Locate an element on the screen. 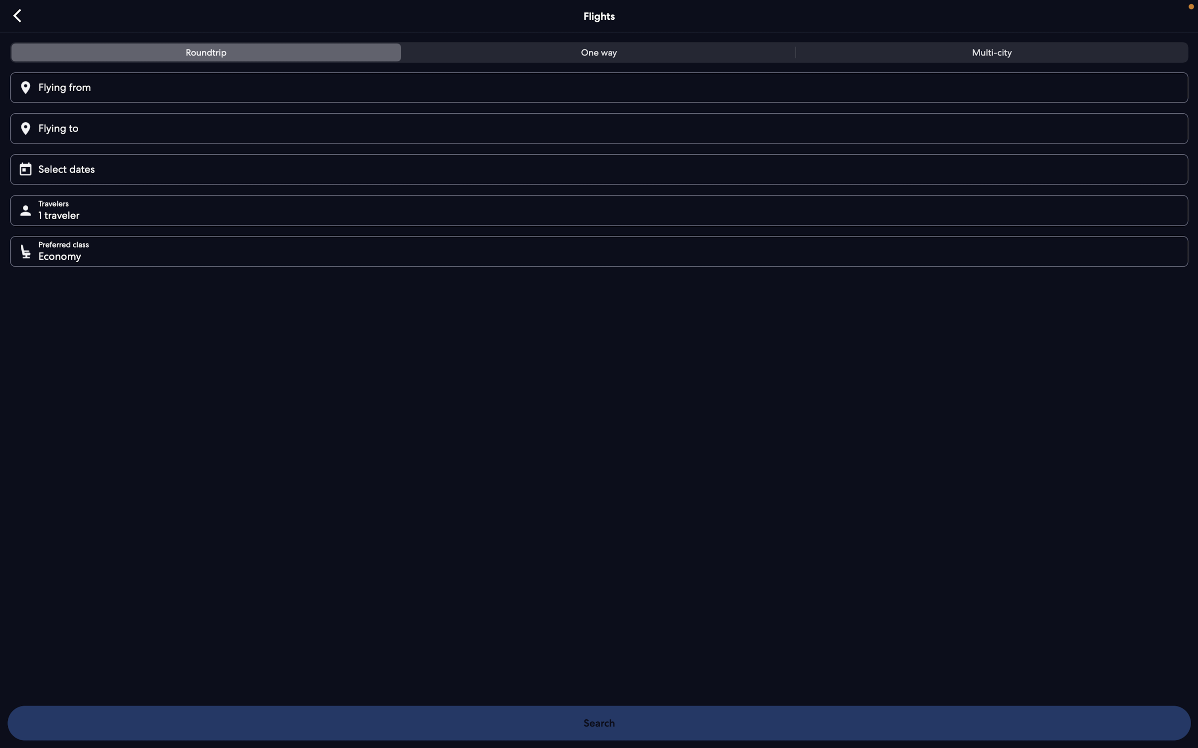 The height and width of the screenshot is (748, 1198). multi-city option for flights is located at coordinates (989, 54).